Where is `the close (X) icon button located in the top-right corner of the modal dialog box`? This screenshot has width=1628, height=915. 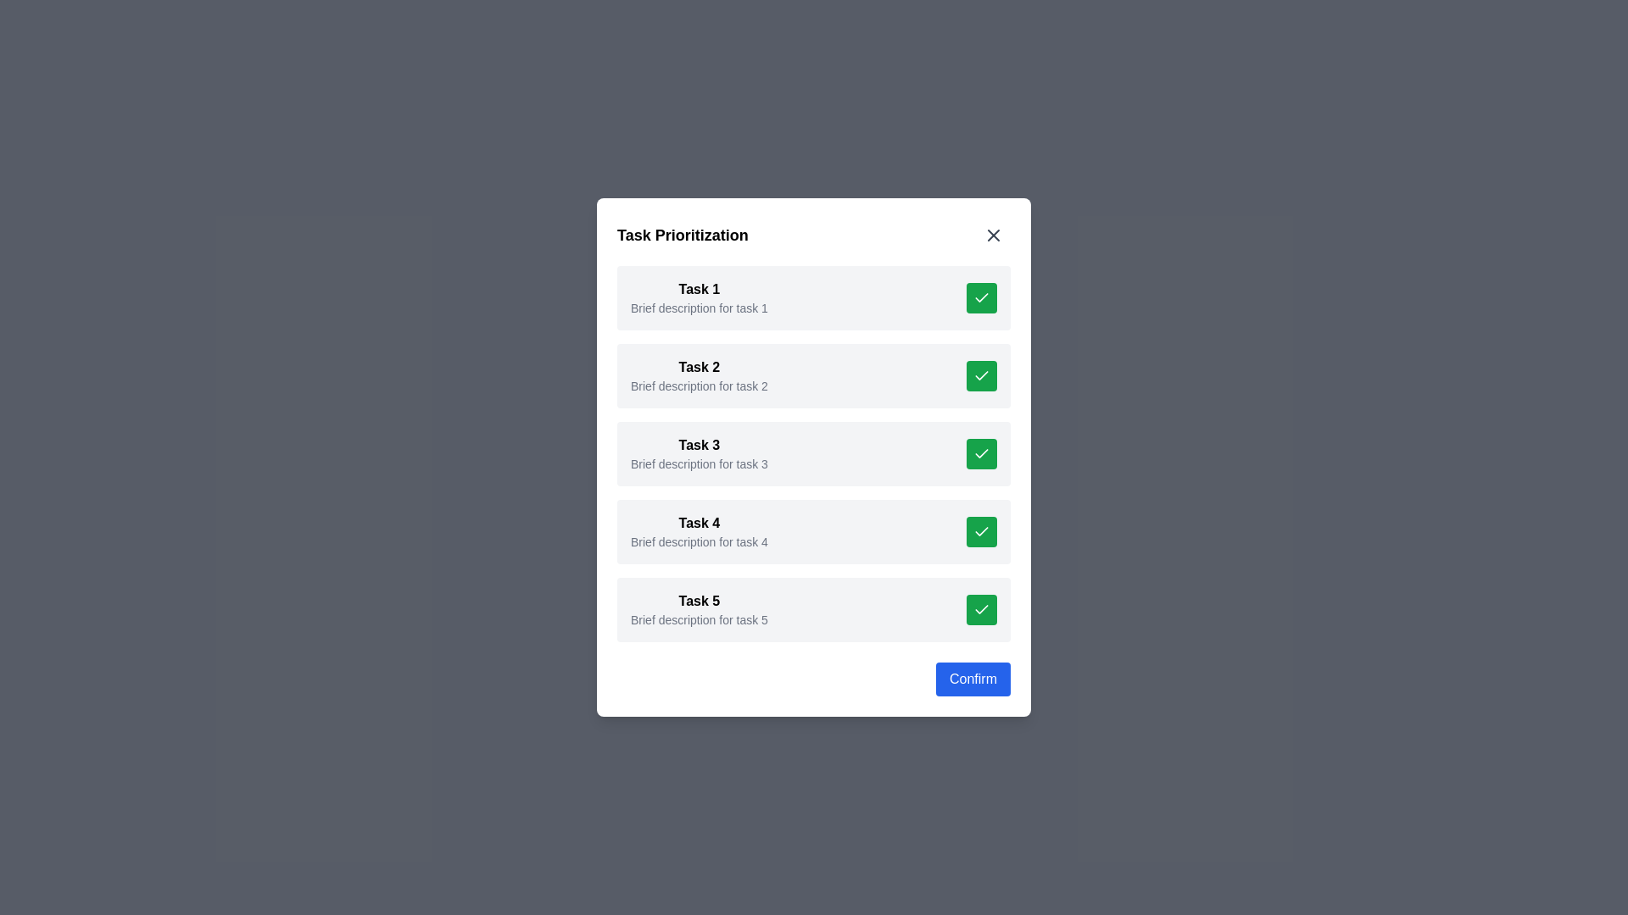
the close (X) icon button located in the top-right corner of the modal dialog box is located at coordinates (993, 235).